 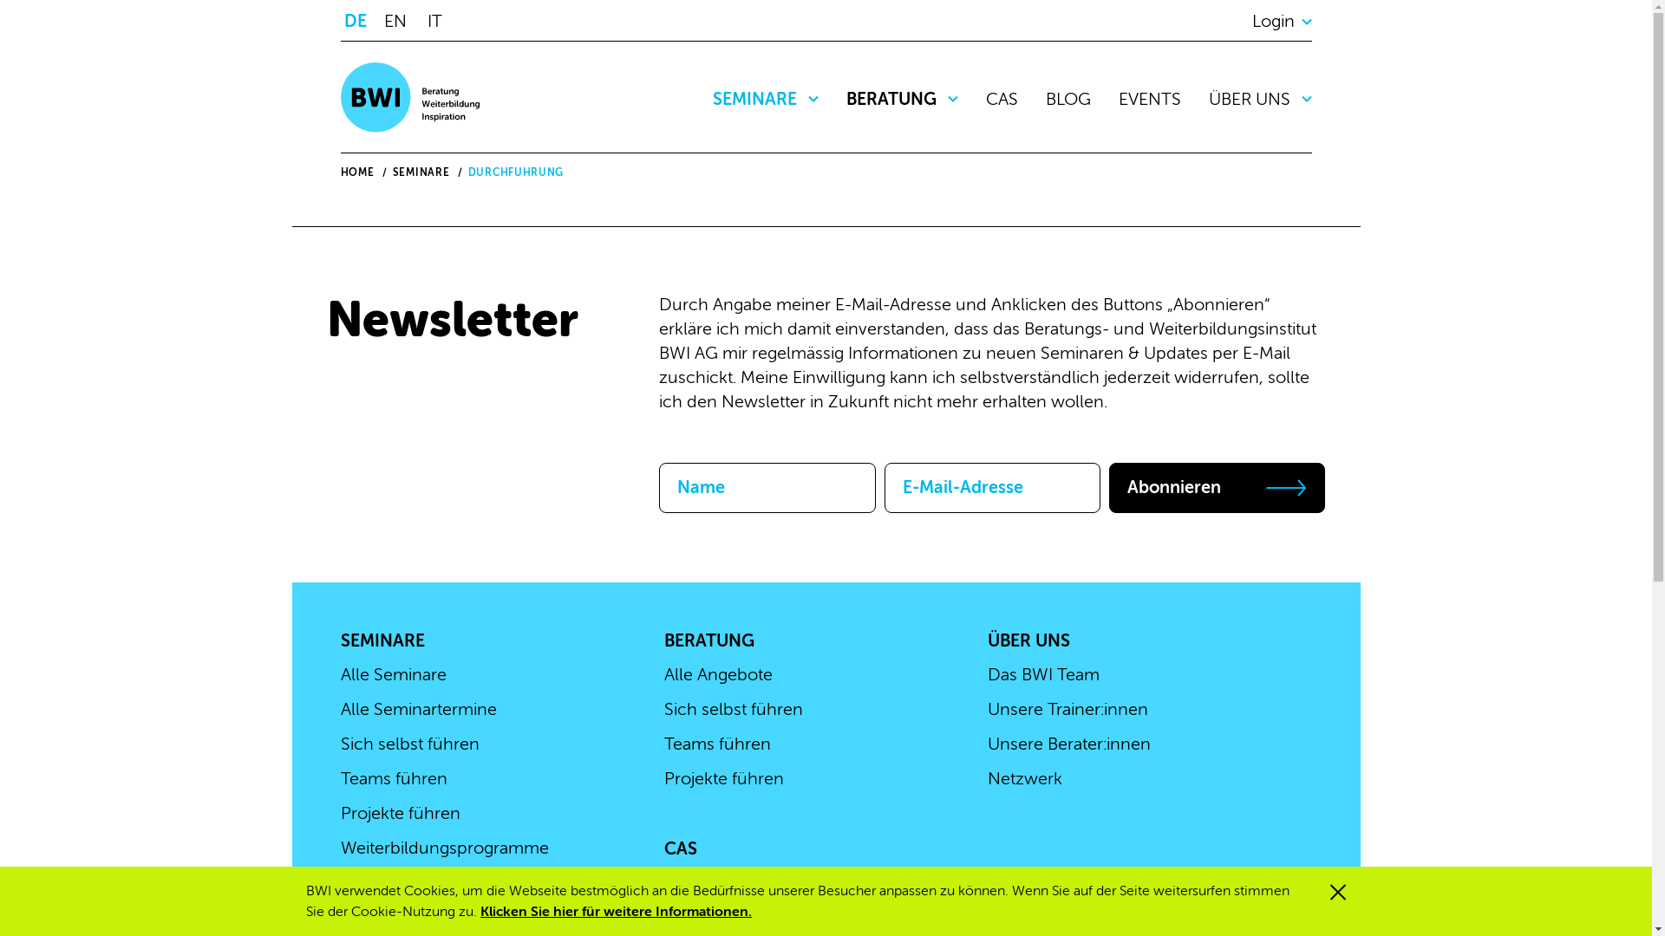 What do you see at coordinates (1001, 99) in the screenshot?
I see `'CAS'` at bounding box center [1001, 99].